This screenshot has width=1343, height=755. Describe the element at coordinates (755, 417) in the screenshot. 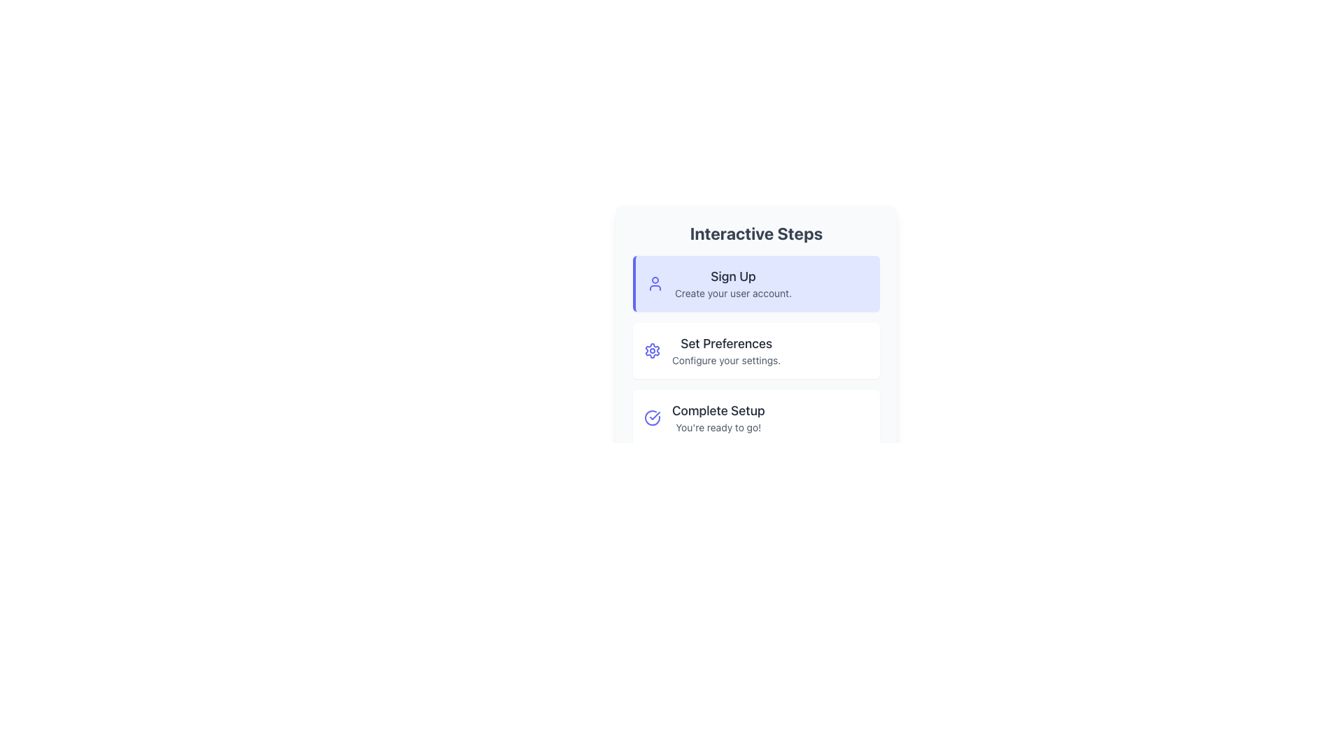

I see `the Informational card displaying the title 'Complete Setup' and subtitle 'You're ready to go!', which is the last element in a vertically stacked list` at that location.